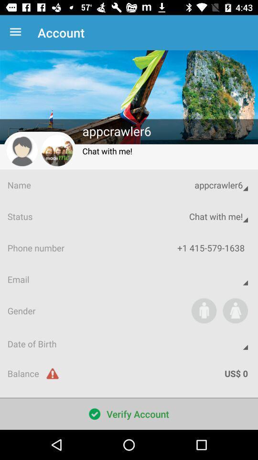 The height and width of the screenshot is (460, 258). What do you see at coordinates (204, 310) in the screenshot?
I see `indicate that you are male on your profile` at bounding box center [204, 310].